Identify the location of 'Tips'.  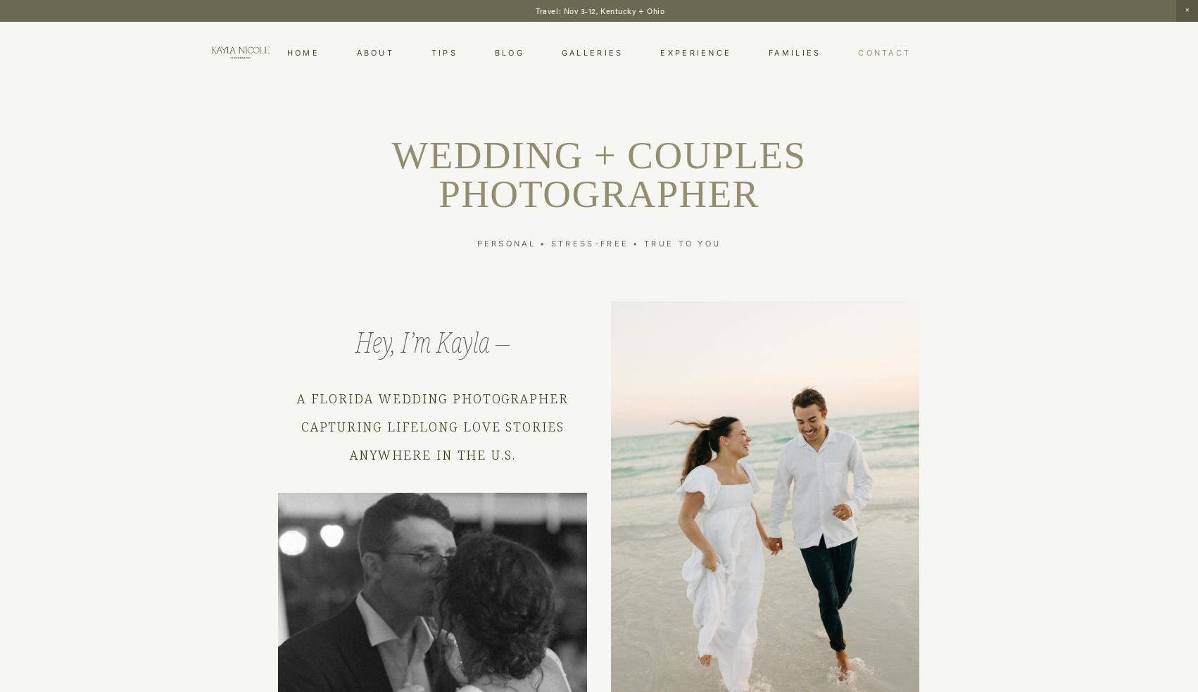
(431, 51).